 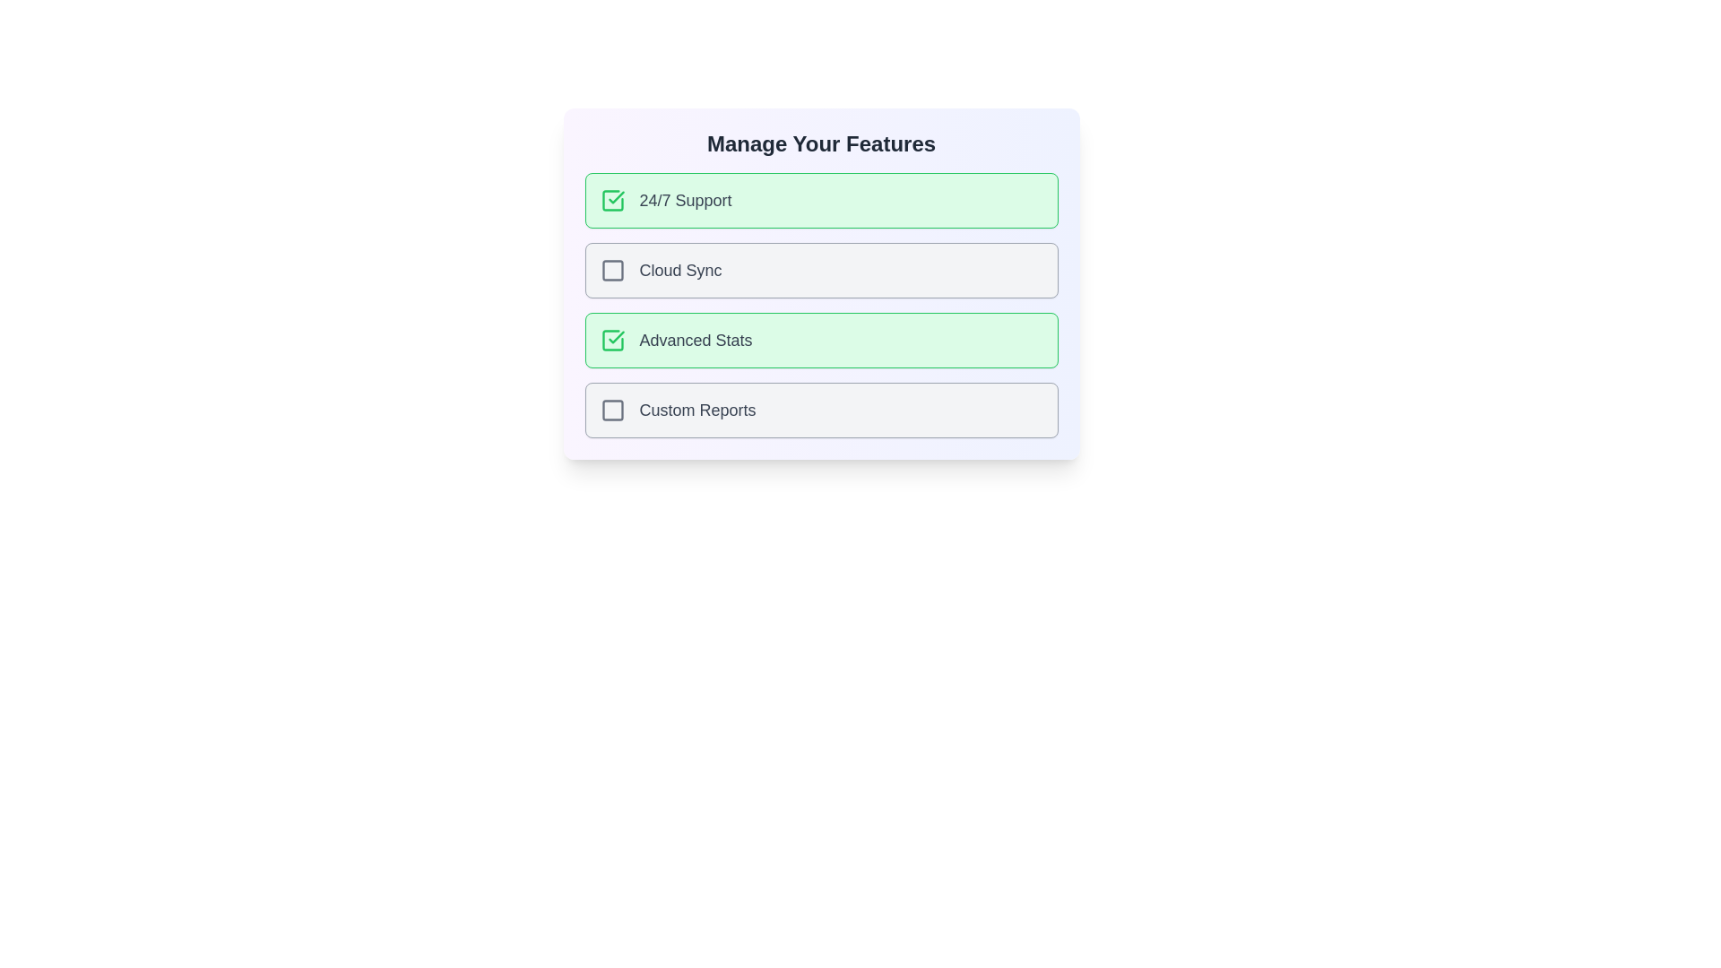 I want to click on the Text header that indicates the section's title, located at the top of the section above options like '24/7 Support' and 'Cloud Sync', so click(x=820, y=143).